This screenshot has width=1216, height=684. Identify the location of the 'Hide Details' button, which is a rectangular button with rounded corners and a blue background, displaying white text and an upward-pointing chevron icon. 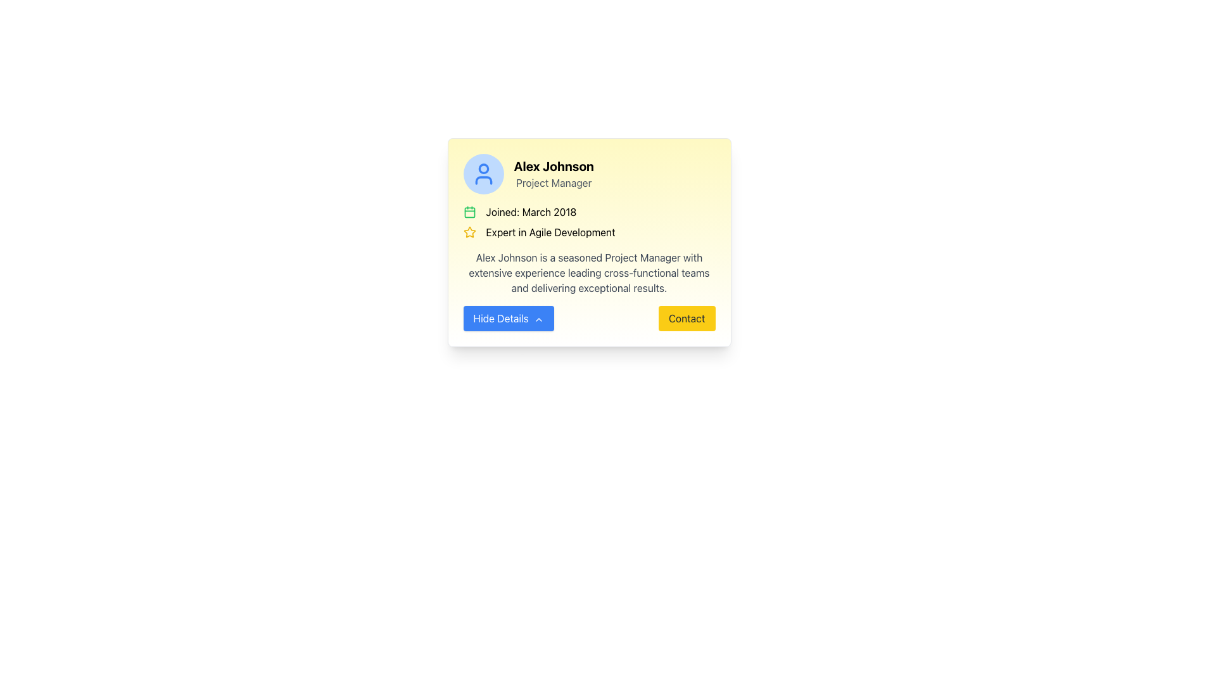
(509, 317).